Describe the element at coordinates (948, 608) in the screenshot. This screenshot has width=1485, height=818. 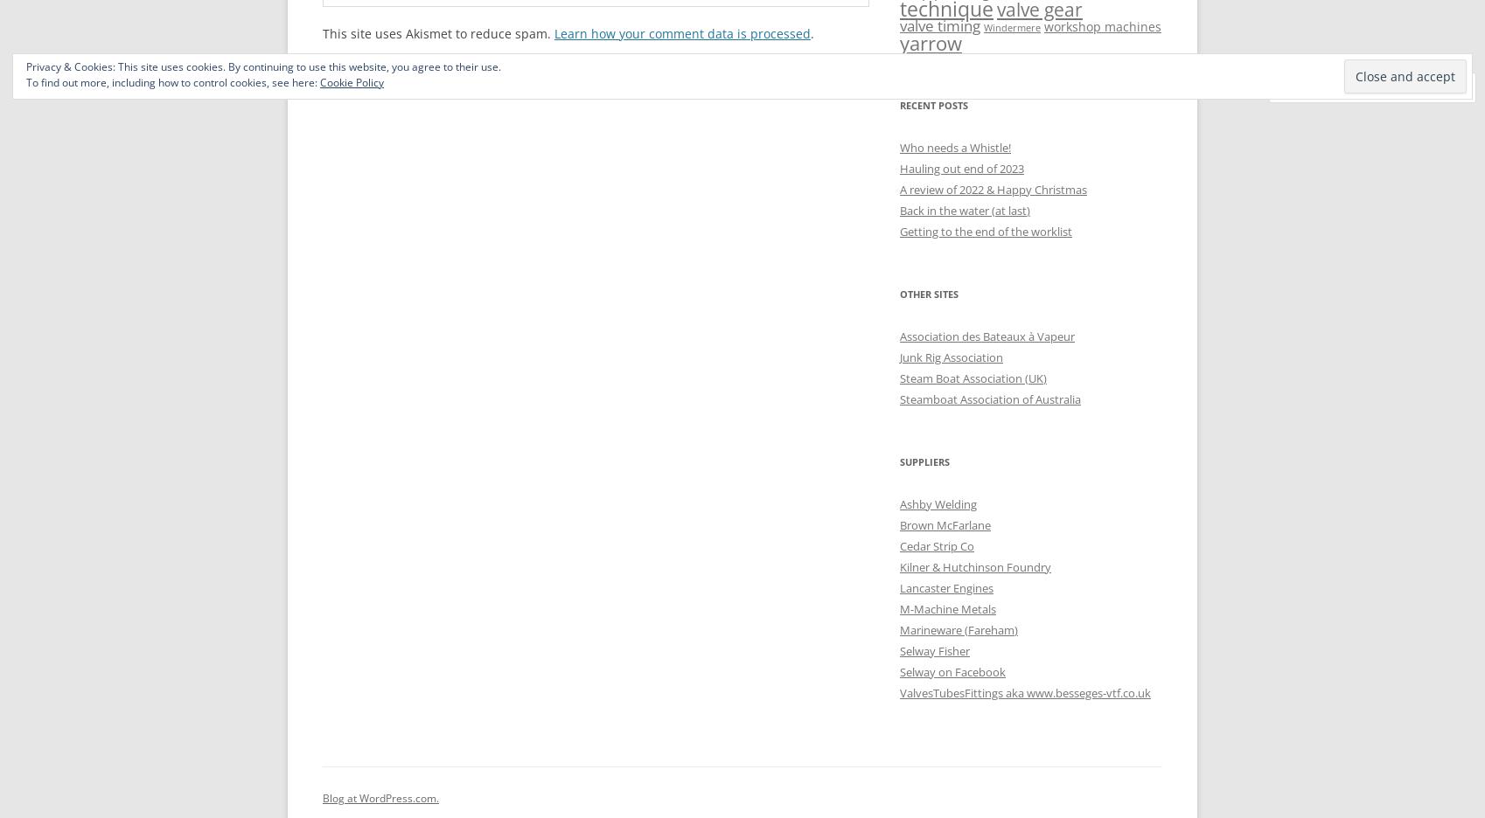
I see `'M-Machine Metals'` at that location.